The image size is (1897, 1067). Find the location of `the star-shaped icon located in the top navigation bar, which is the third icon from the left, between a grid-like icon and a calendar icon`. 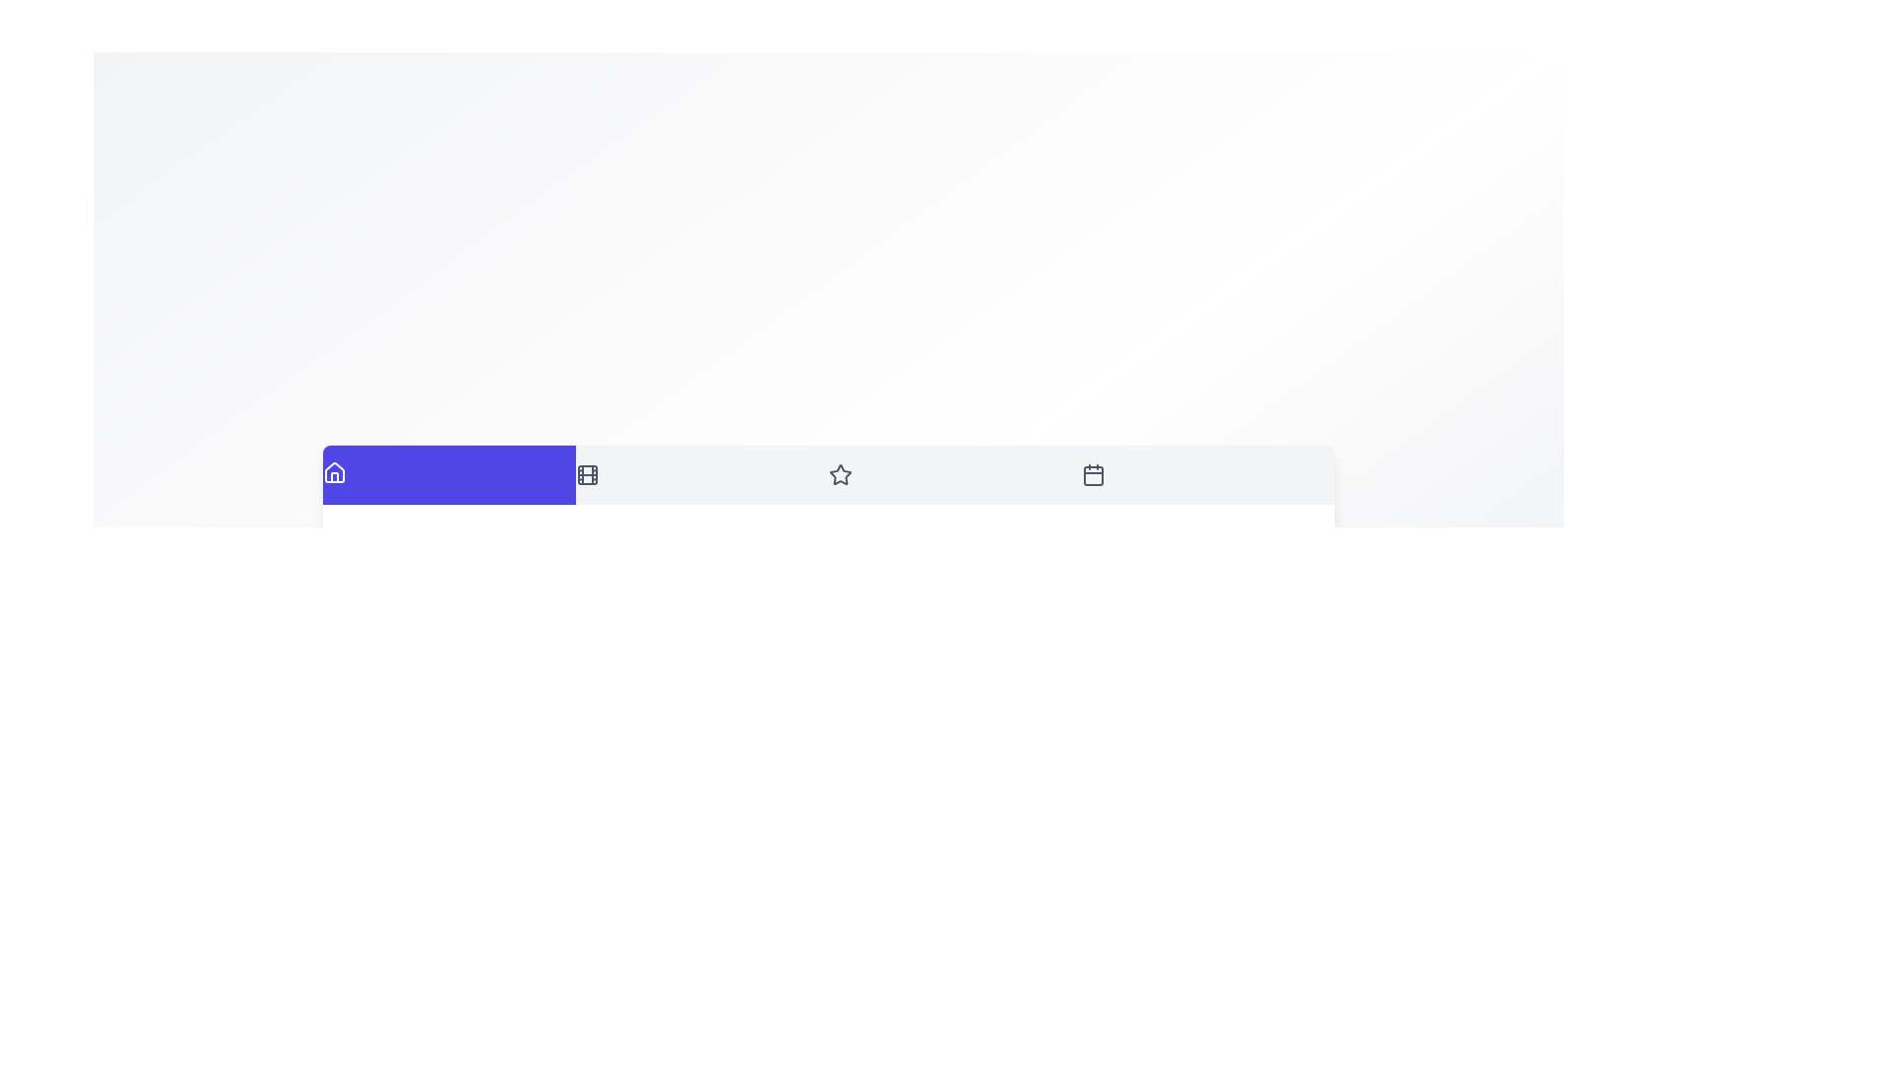

the star-shaped icon located in the top navigation bar, which is the third icon from the left, between a grid-like icon and a calendar icon is located at coordinates (840, 474).